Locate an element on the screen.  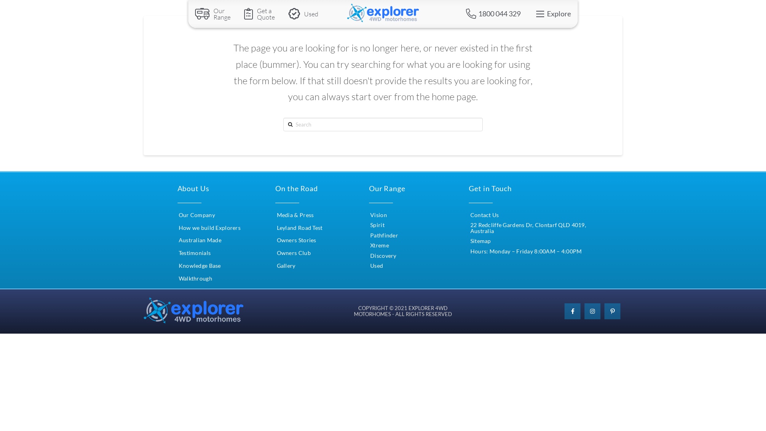
'Walkthrough' is located at coordinates (195, 278).